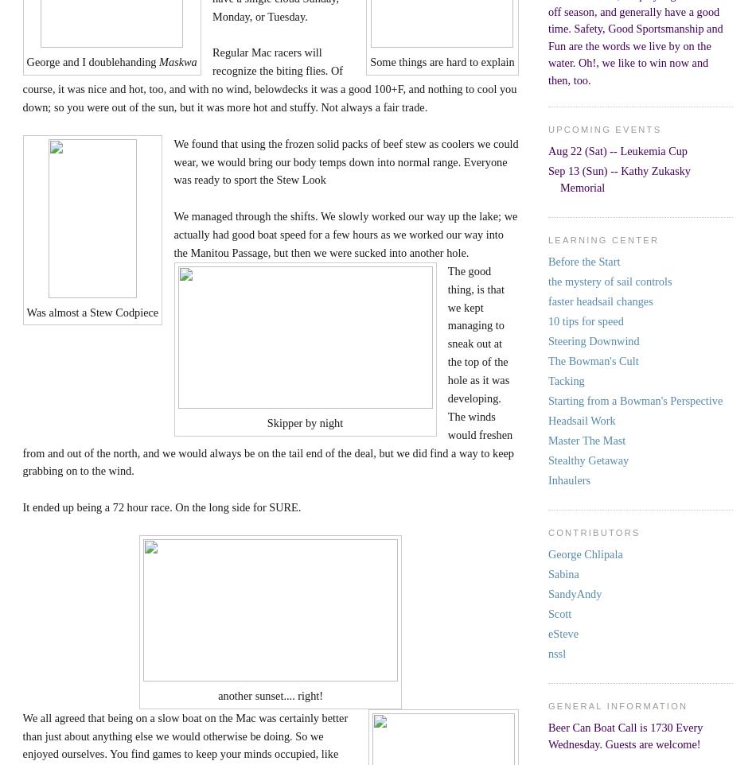  Describe the element at coordinates (592, 340) in the screenshot. I see `'Steering Downwind'` at that location.